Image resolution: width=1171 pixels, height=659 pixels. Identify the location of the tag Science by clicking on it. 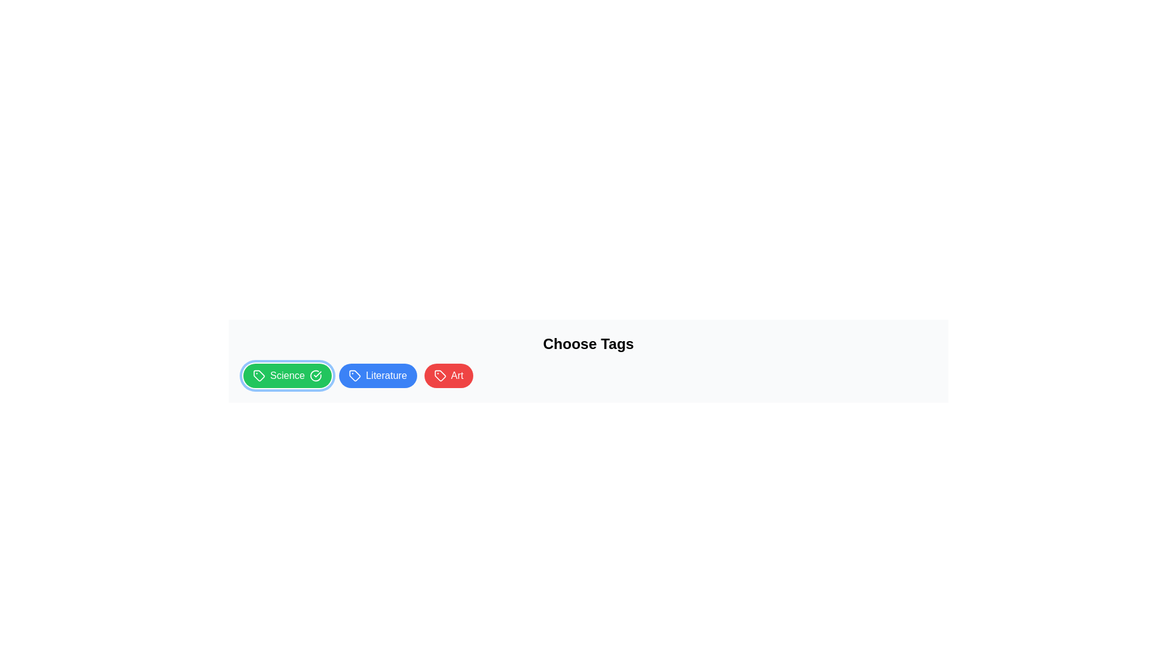
(286, 375).